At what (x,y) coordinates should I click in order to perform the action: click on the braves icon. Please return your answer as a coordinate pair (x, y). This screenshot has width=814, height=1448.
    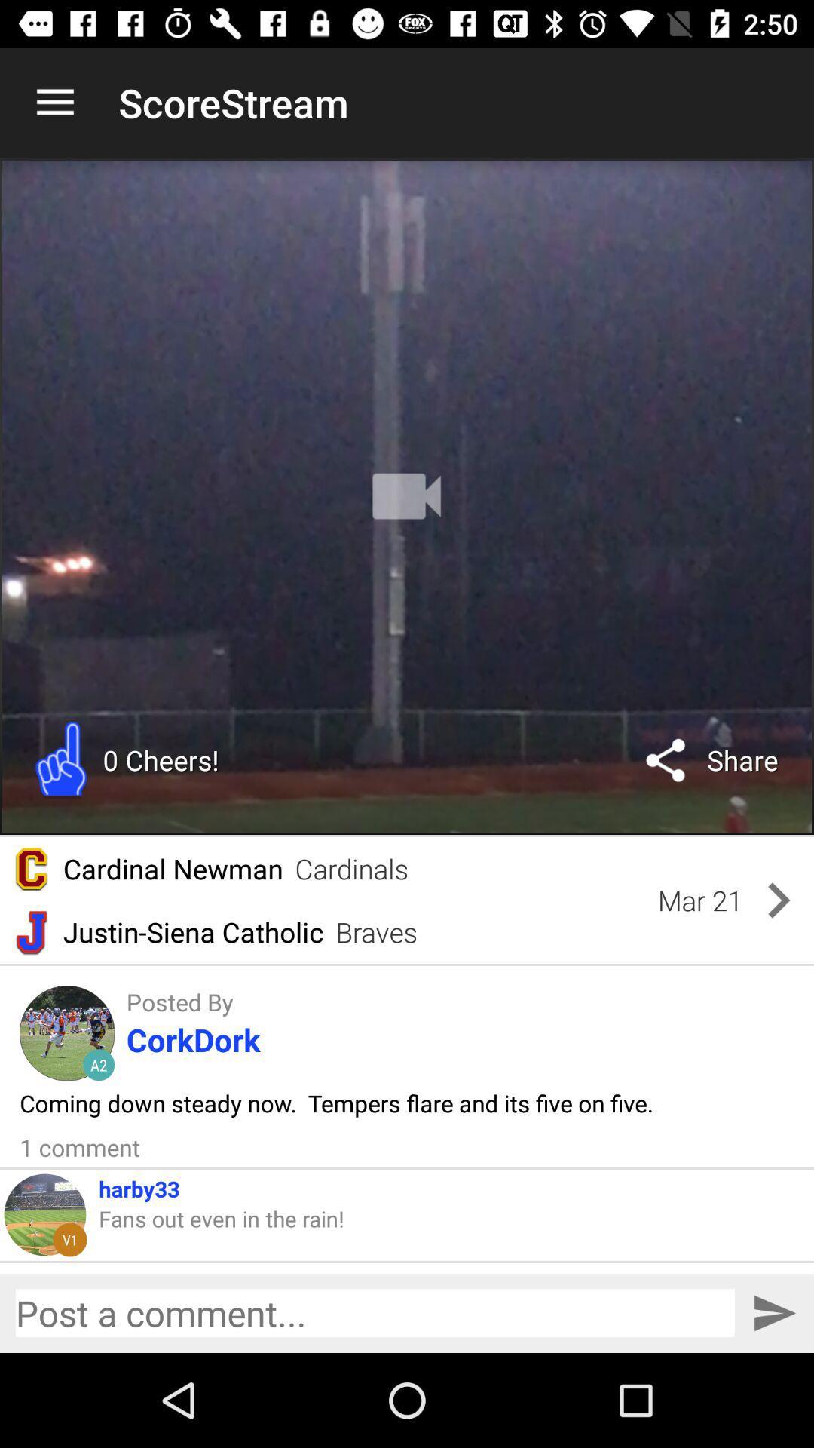
    Looking at the image, I should click on (375, 931).